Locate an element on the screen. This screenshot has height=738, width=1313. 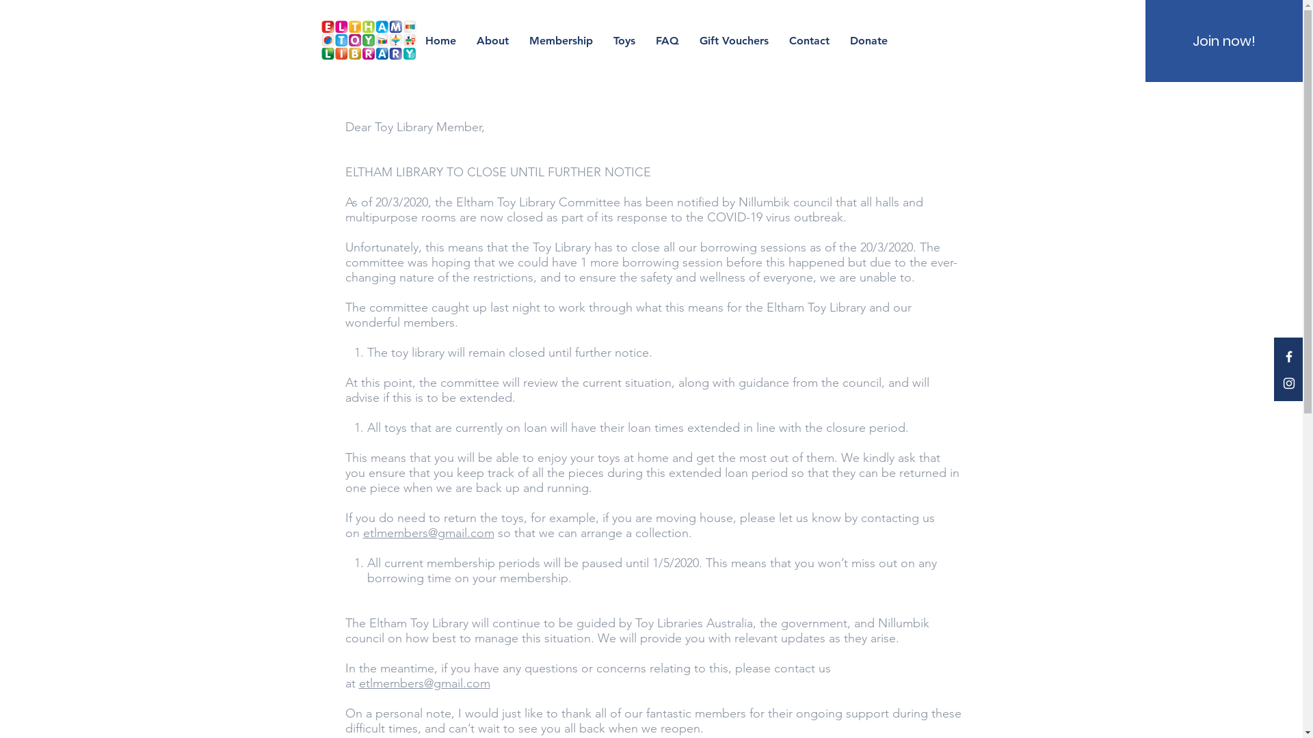
'Contact' is located at coordinates (809, 40).